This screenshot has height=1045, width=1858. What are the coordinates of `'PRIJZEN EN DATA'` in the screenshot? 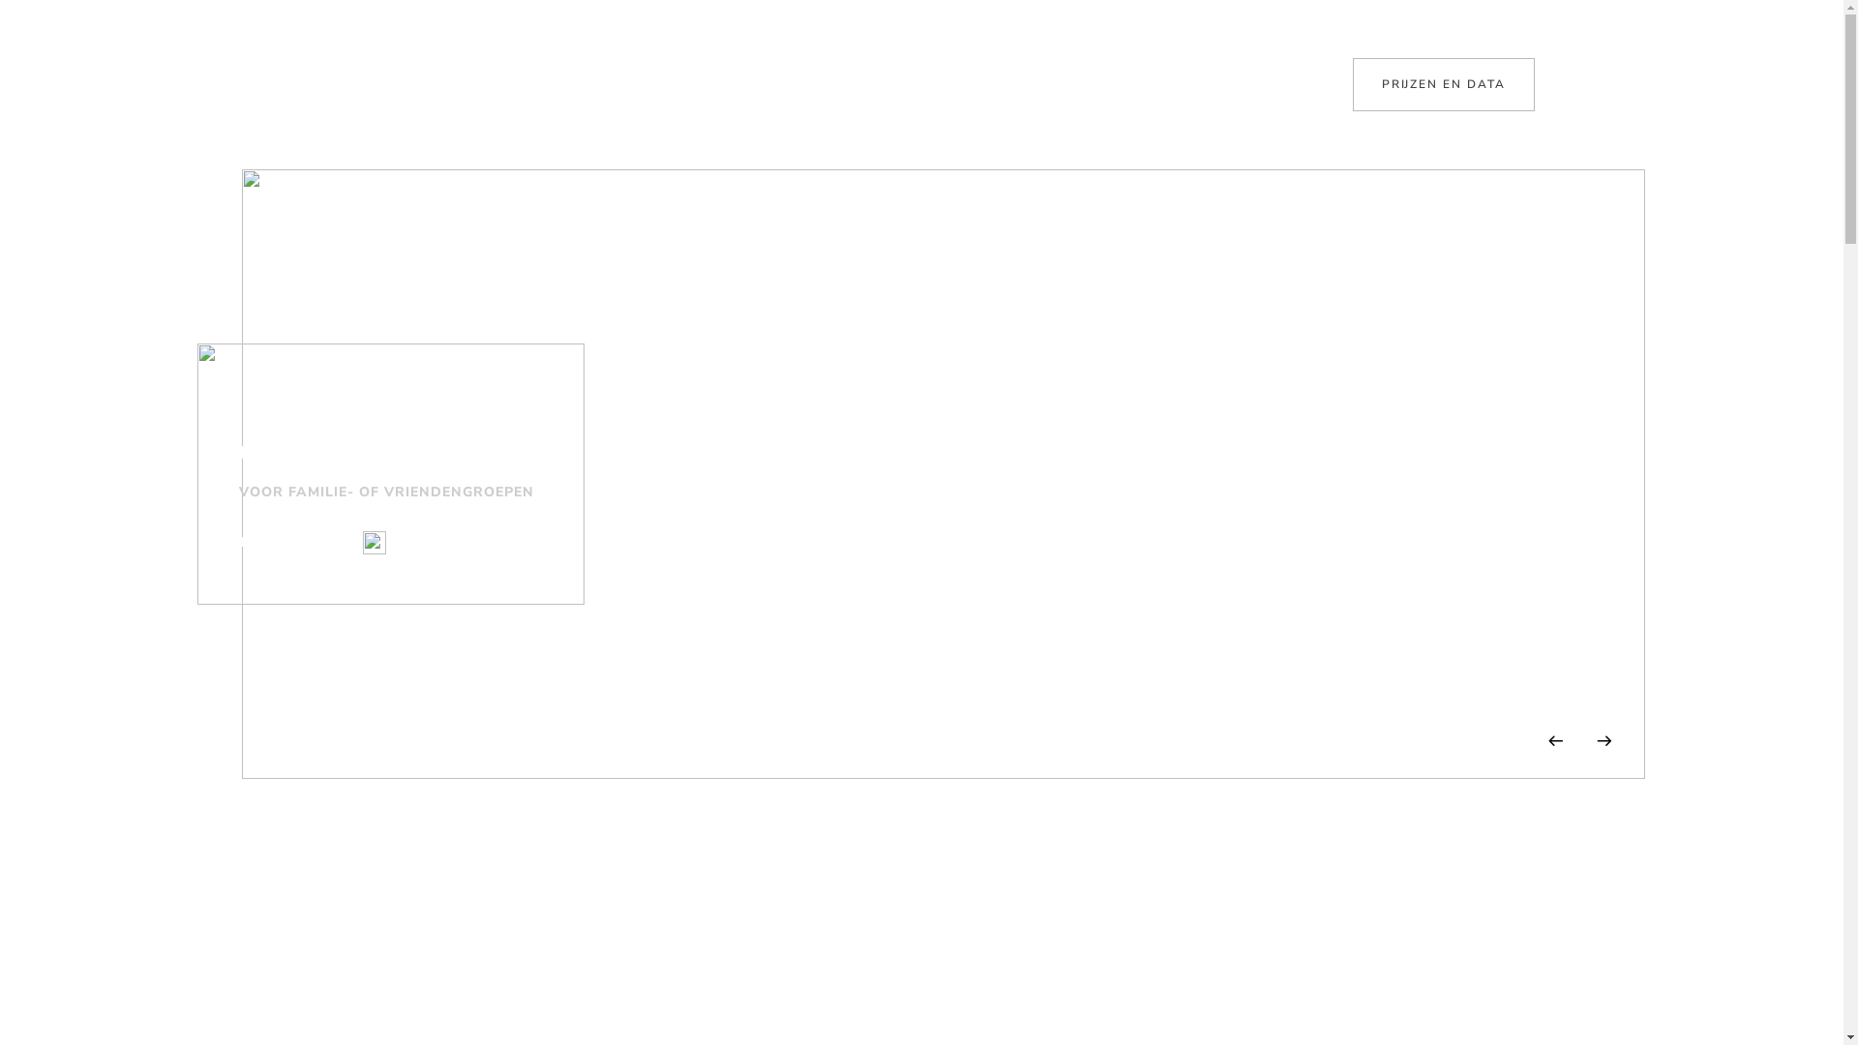 It's located at (1444, 83).